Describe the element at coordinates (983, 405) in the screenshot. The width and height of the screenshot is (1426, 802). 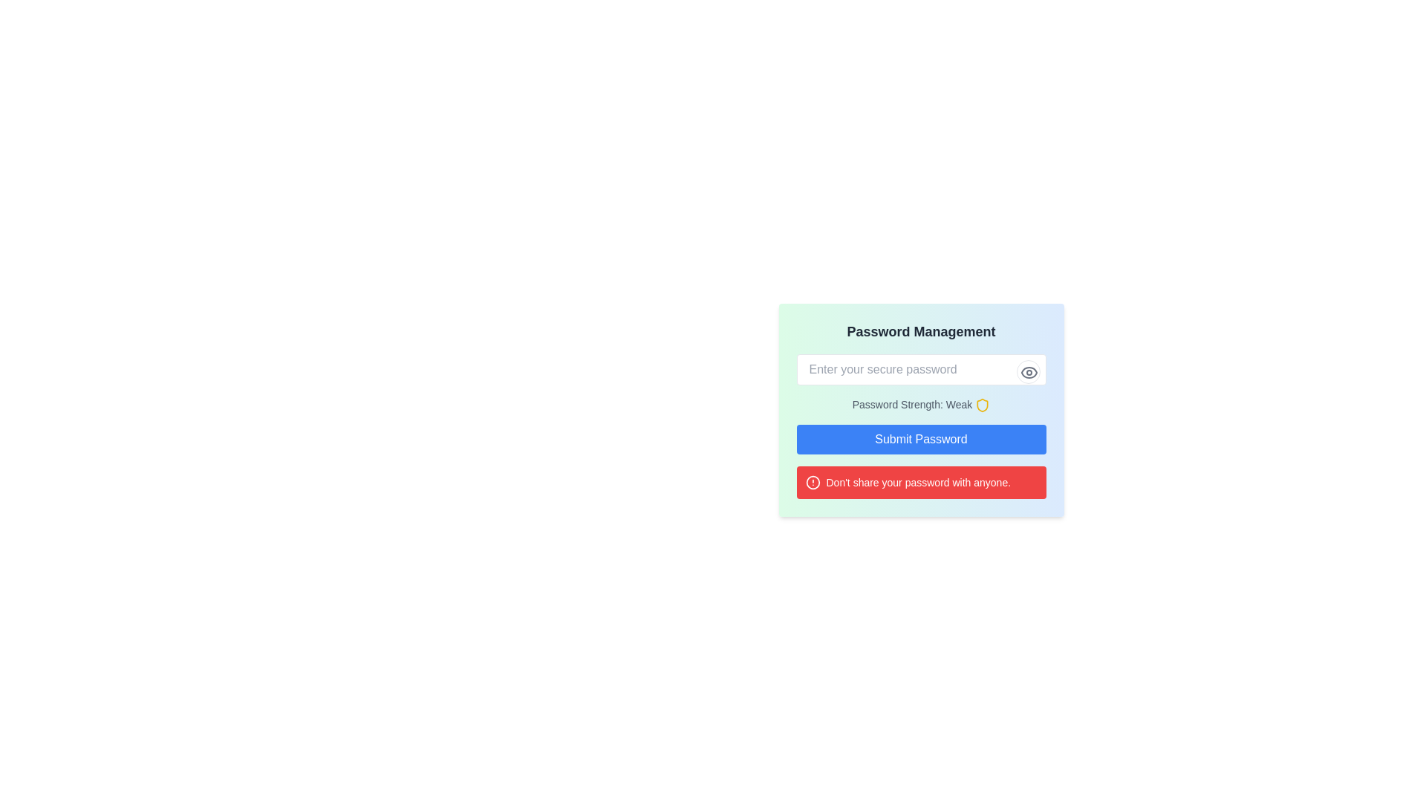
I see `the shield-shaped SVG graphic icon with a yellow outline, located to the left of the text label 'Password Strength: Weak.'` at that location.